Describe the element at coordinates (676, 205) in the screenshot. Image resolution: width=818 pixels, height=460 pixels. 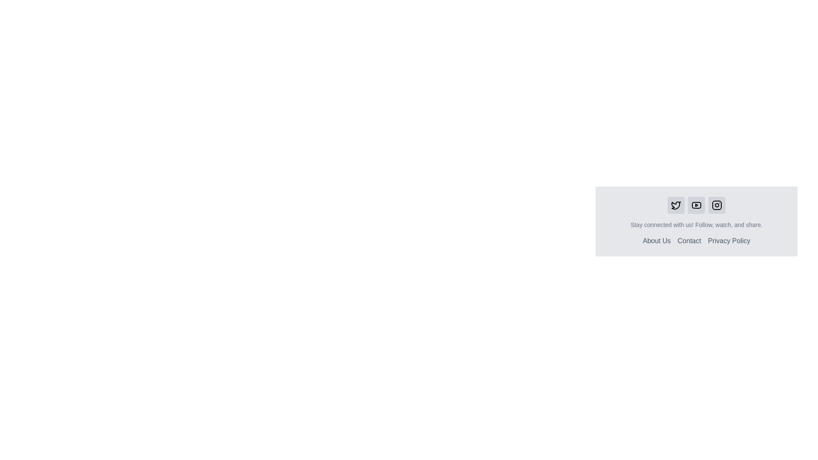
I see `the rounded square button with a light gray background and black Twitter logo icon at its center, located in the bottom-right corner of the interface` at that location.